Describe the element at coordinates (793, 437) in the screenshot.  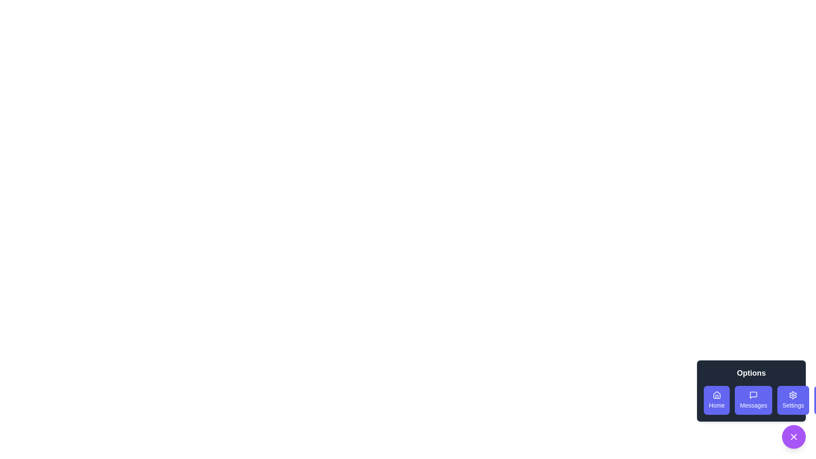
I see `the close button located at the bottom-right corner of the dialog, just below the 'Settings' button` at that location.